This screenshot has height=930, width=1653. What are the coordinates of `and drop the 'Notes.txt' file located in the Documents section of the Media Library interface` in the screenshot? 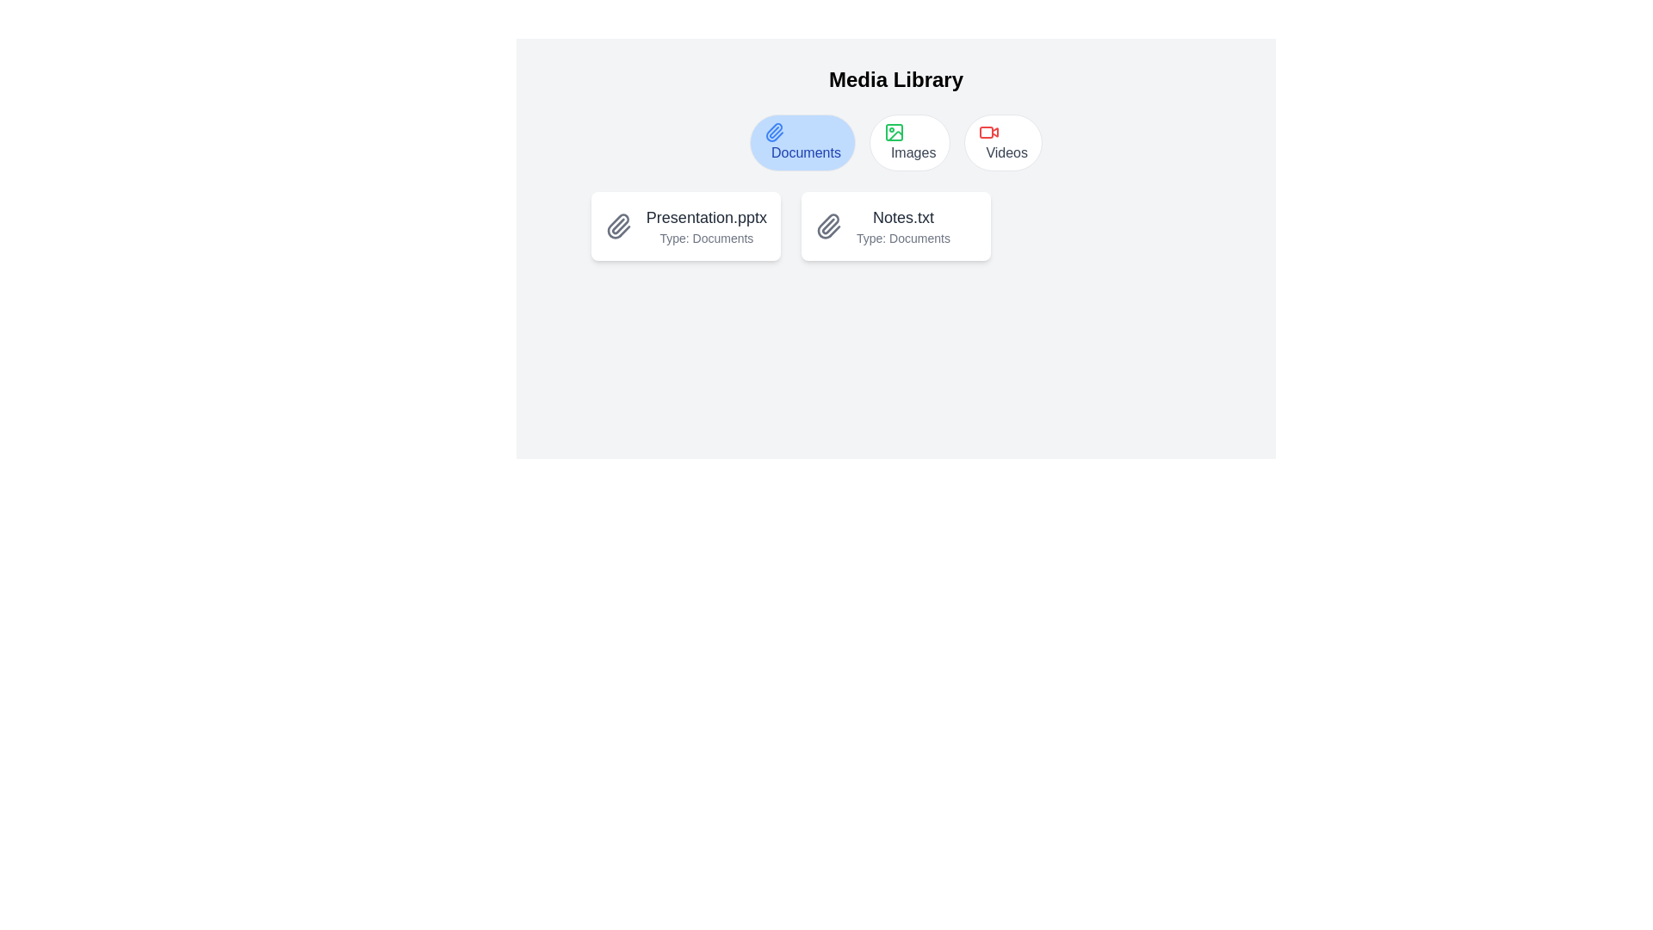 It's located at (902, 225).